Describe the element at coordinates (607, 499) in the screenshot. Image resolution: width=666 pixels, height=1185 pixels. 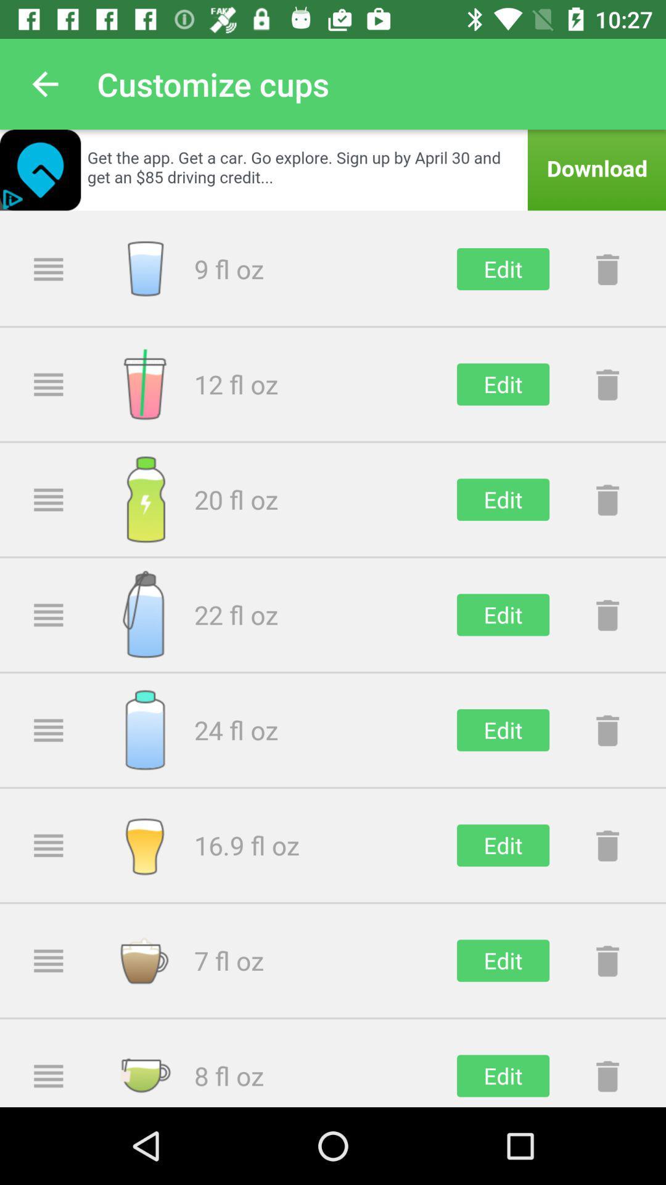
I see `delete this selection` at that location.